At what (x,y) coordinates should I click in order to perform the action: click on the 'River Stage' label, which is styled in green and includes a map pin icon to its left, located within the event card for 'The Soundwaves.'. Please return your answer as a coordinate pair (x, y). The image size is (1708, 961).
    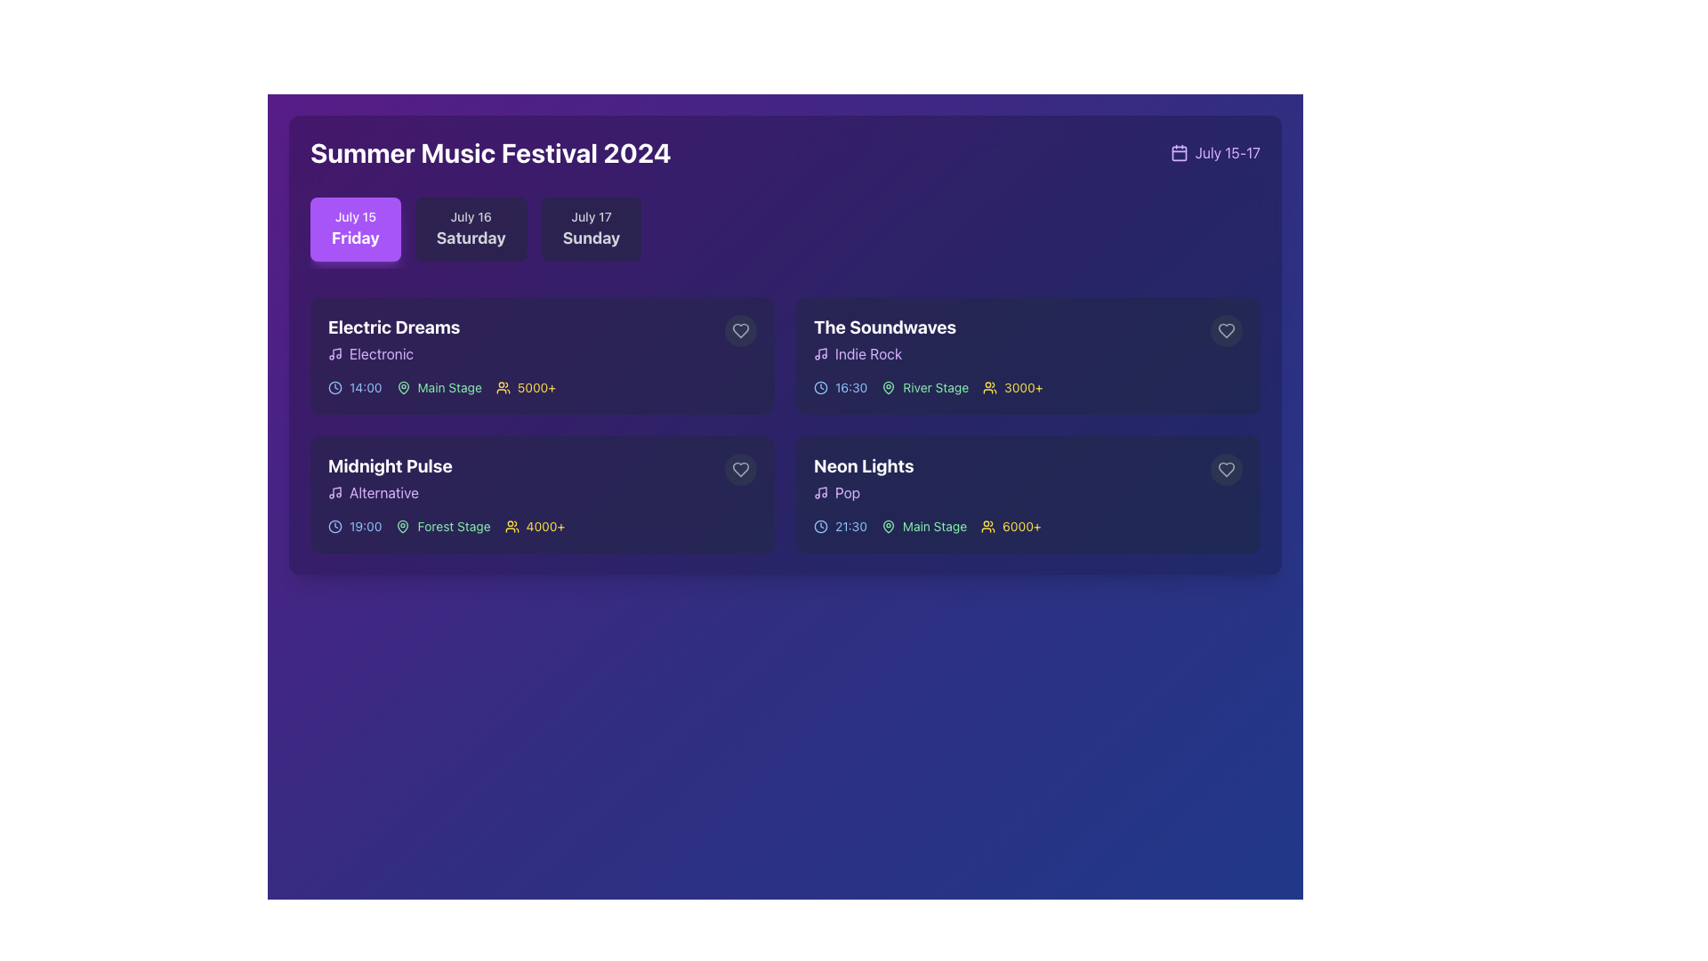
    Looking at the image, I should click on (925, 386).